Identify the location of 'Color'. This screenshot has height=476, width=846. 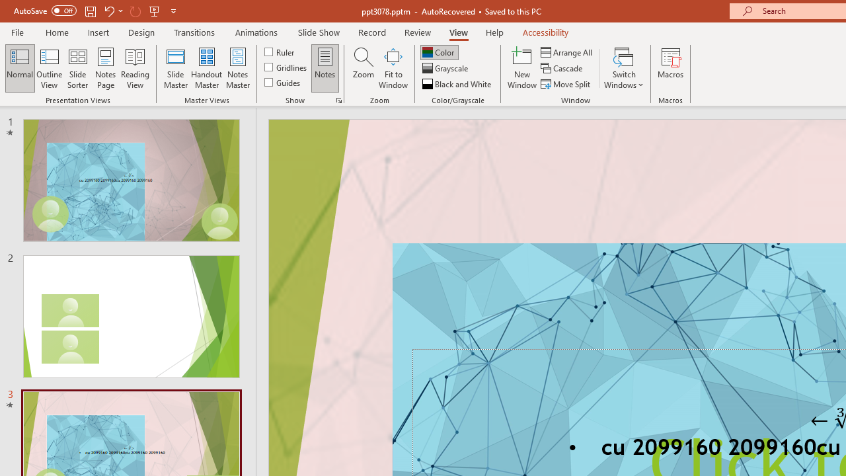
(439, 52).